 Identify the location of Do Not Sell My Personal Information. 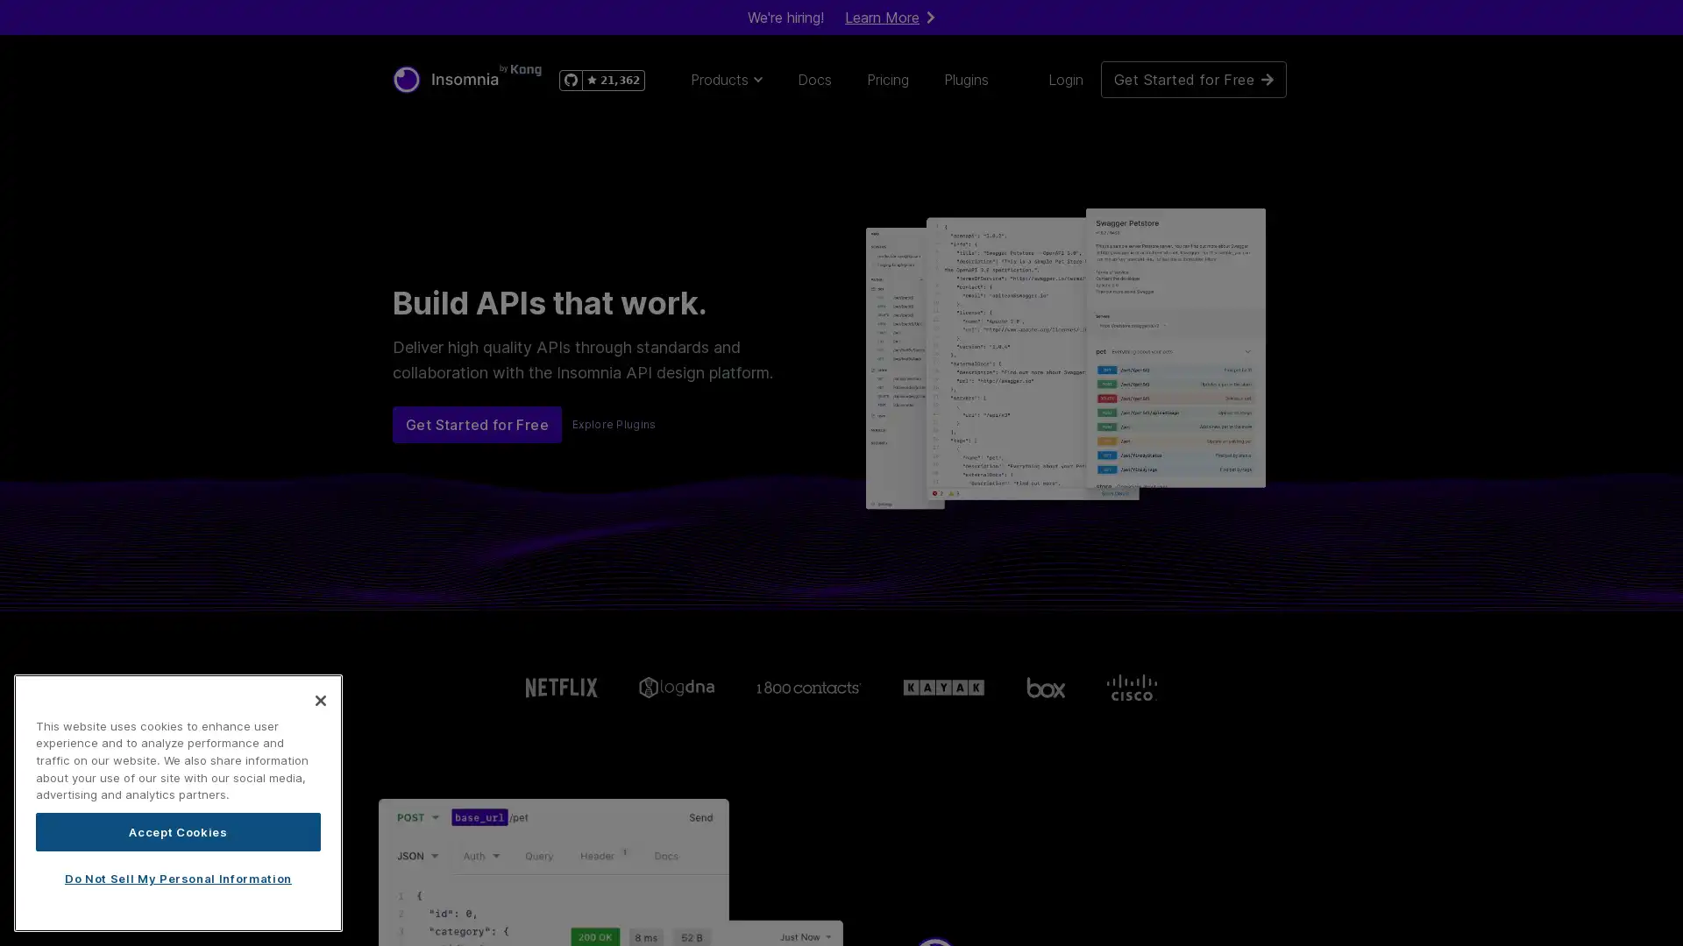
(178, 878).